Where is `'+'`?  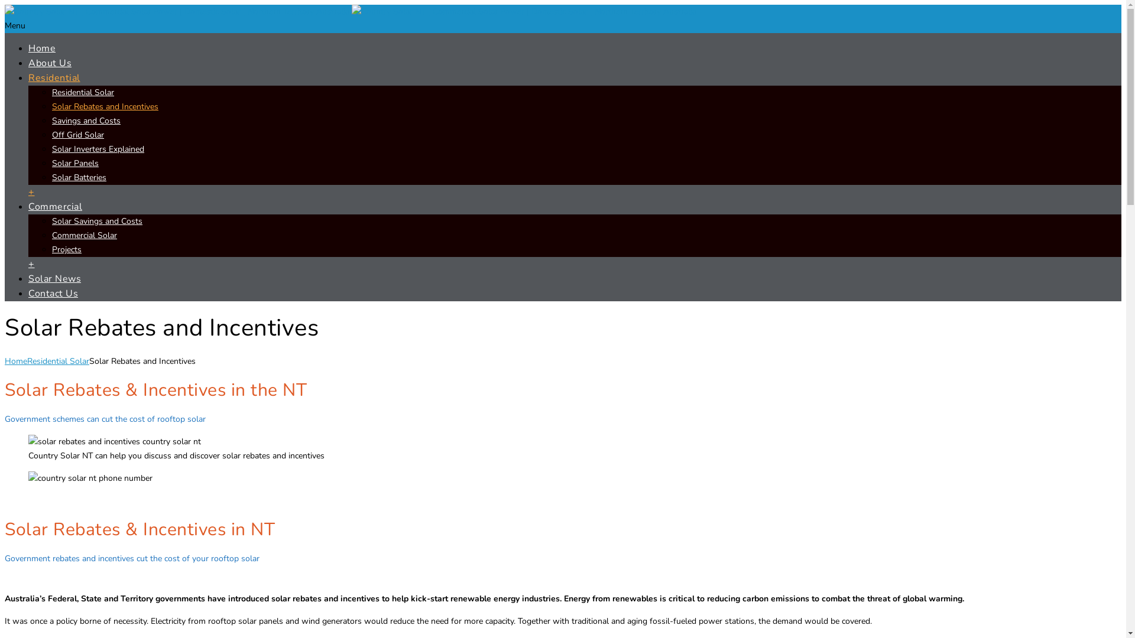
'+' is located at coordinates (31, 191).